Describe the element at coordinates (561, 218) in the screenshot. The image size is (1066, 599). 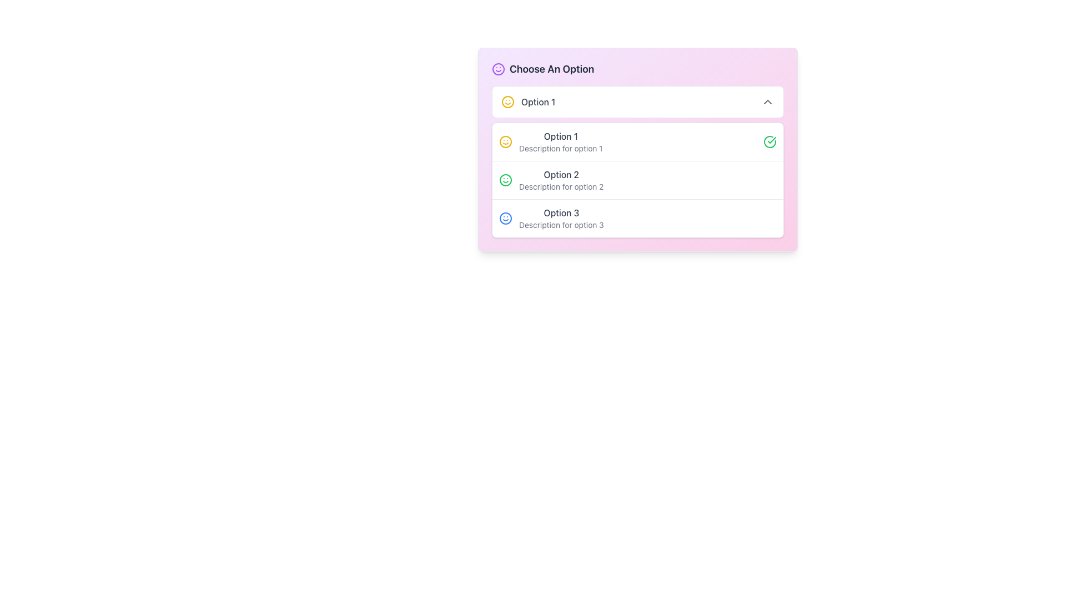
I see `the List item titled 'Option 3' which has a bold dark text and a gray subtitle, alongside a blue smiley face icon` at that location.